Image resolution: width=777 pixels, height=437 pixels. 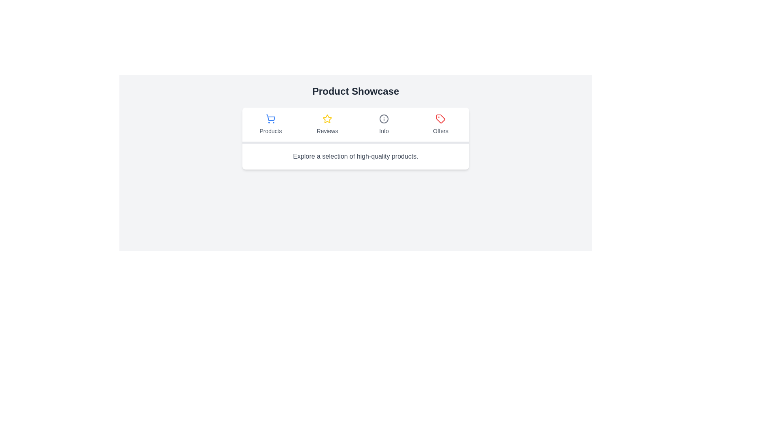 I want to click on text content of the 'Reviews' tab label, which is centrally located below the star icon and aligned with other tab titles, so click(x=327, y=131).